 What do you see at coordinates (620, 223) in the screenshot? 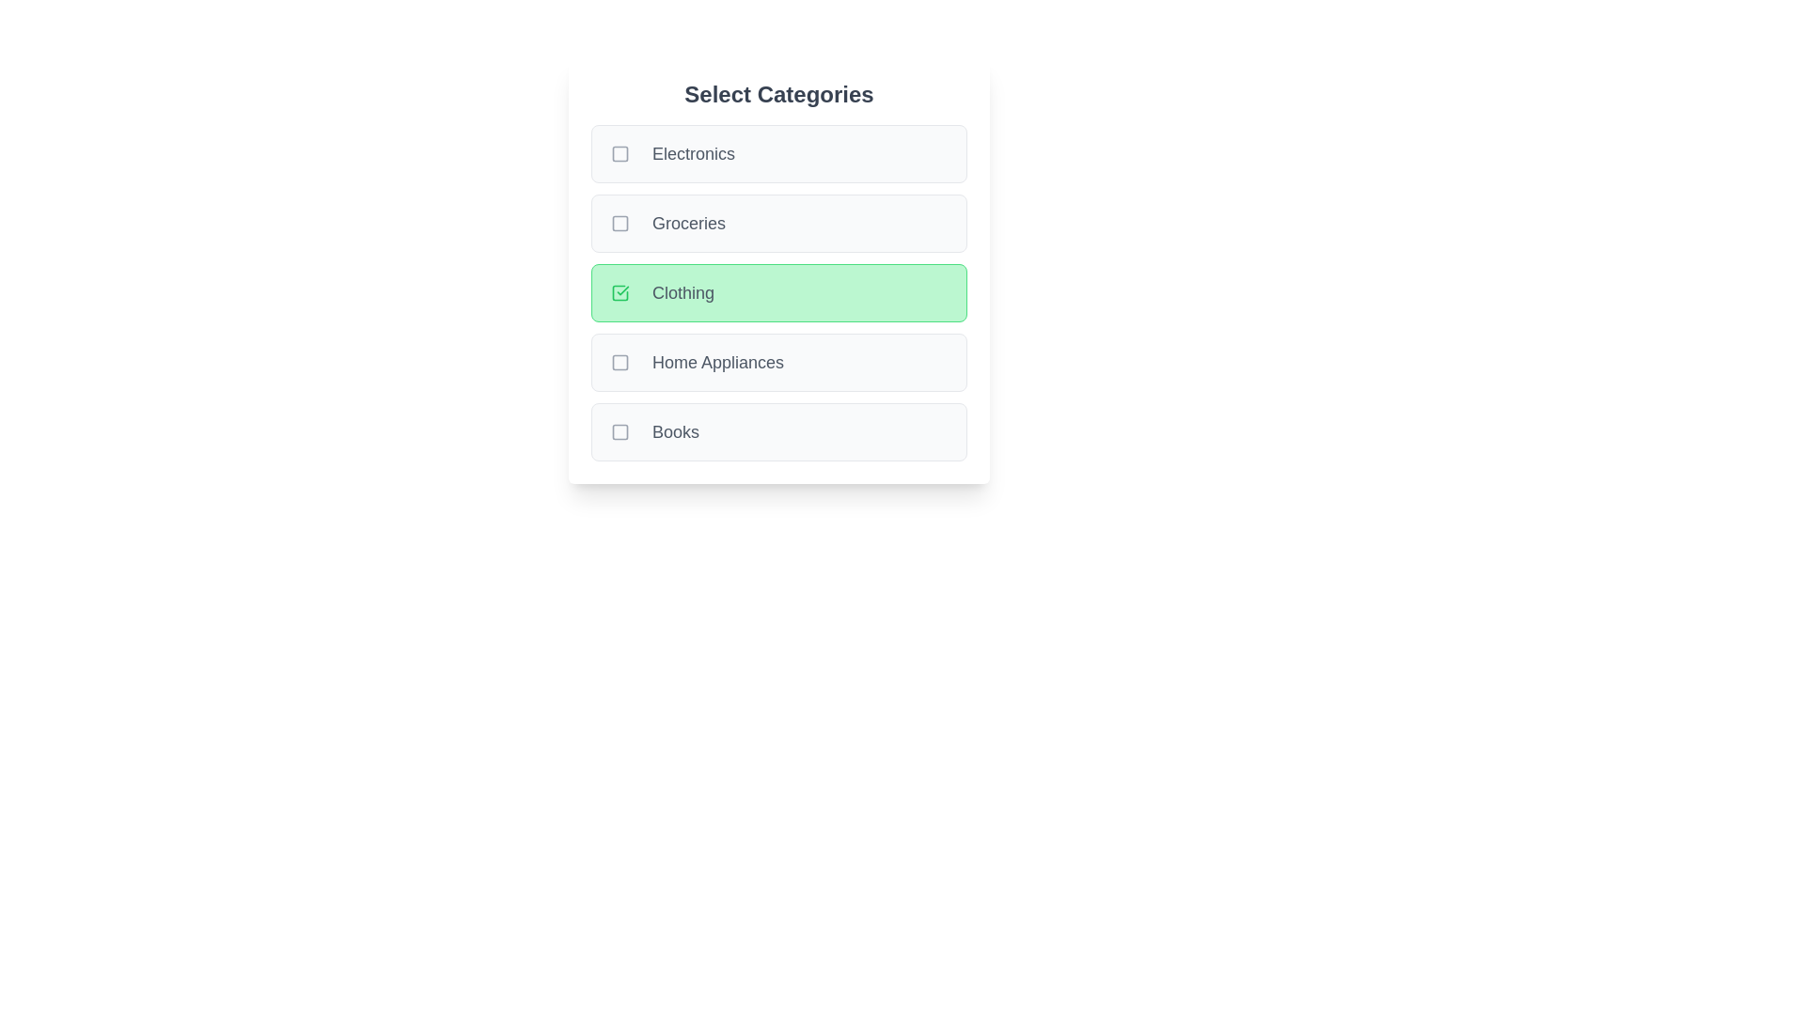
I see `the checkbox for Groceries` at bounding box center [620, 223].